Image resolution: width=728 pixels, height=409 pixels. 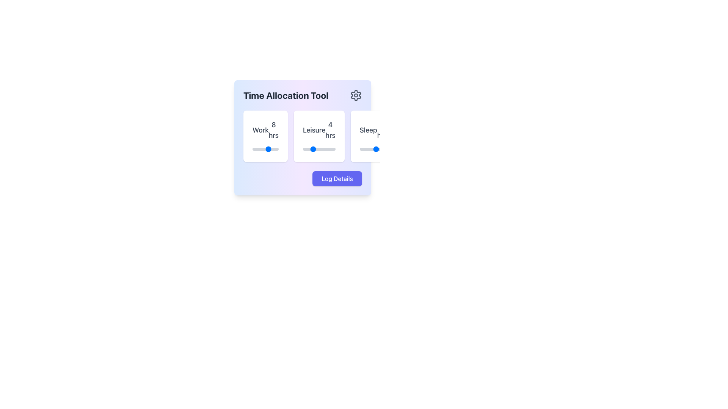 What do you see at coordinates (372, 149) in the screenshot?
I see `sleep hours` at bounding box center [372, 149].